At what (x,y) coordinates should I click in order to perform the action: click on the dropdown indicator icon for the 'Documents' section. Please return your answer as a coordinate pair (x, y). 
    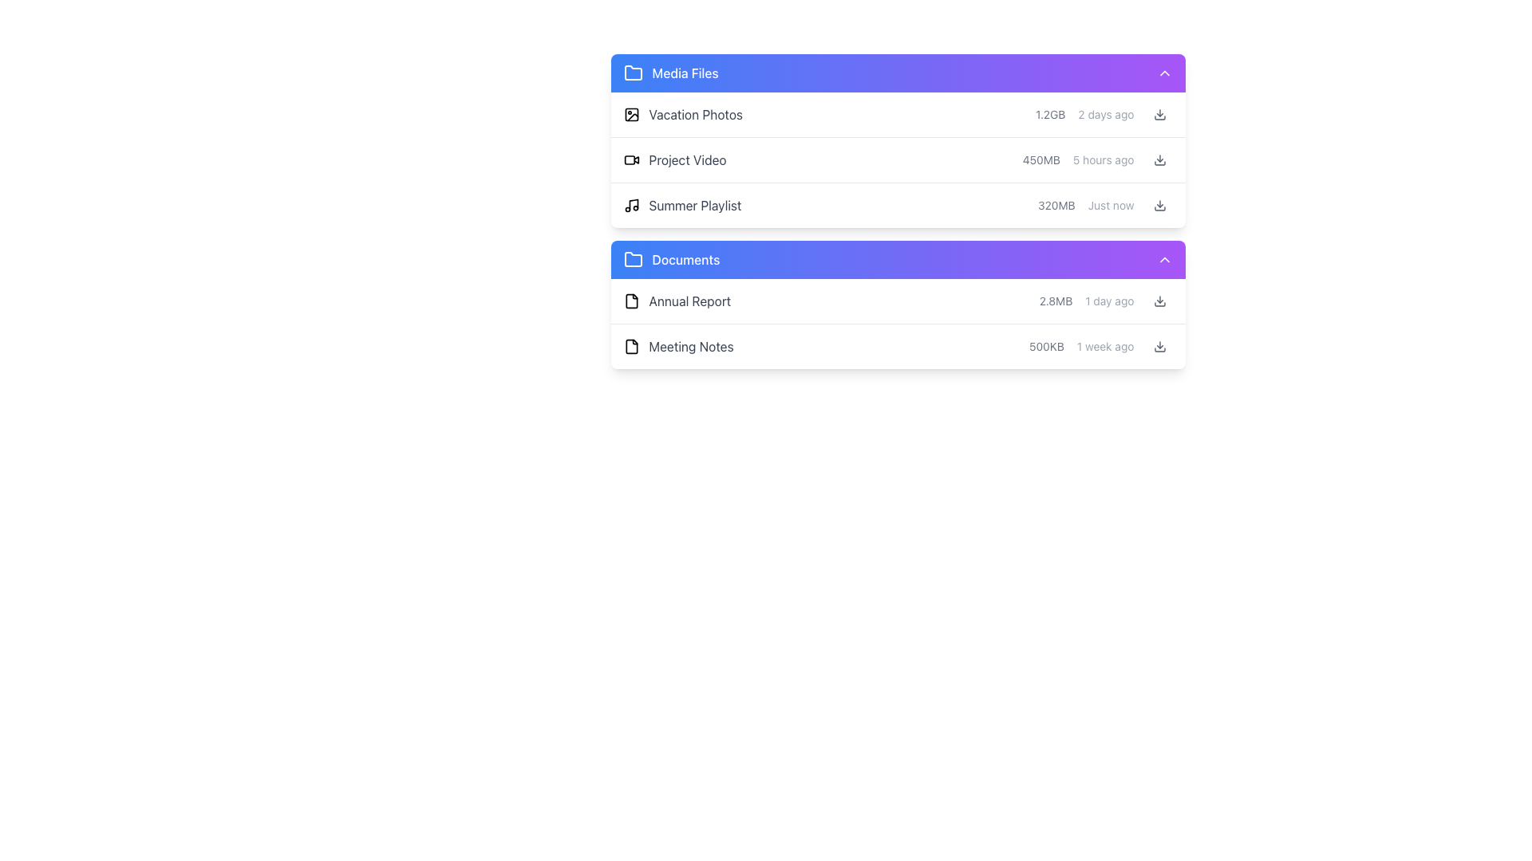
    Looking at the image, I should click on (1164, 259).